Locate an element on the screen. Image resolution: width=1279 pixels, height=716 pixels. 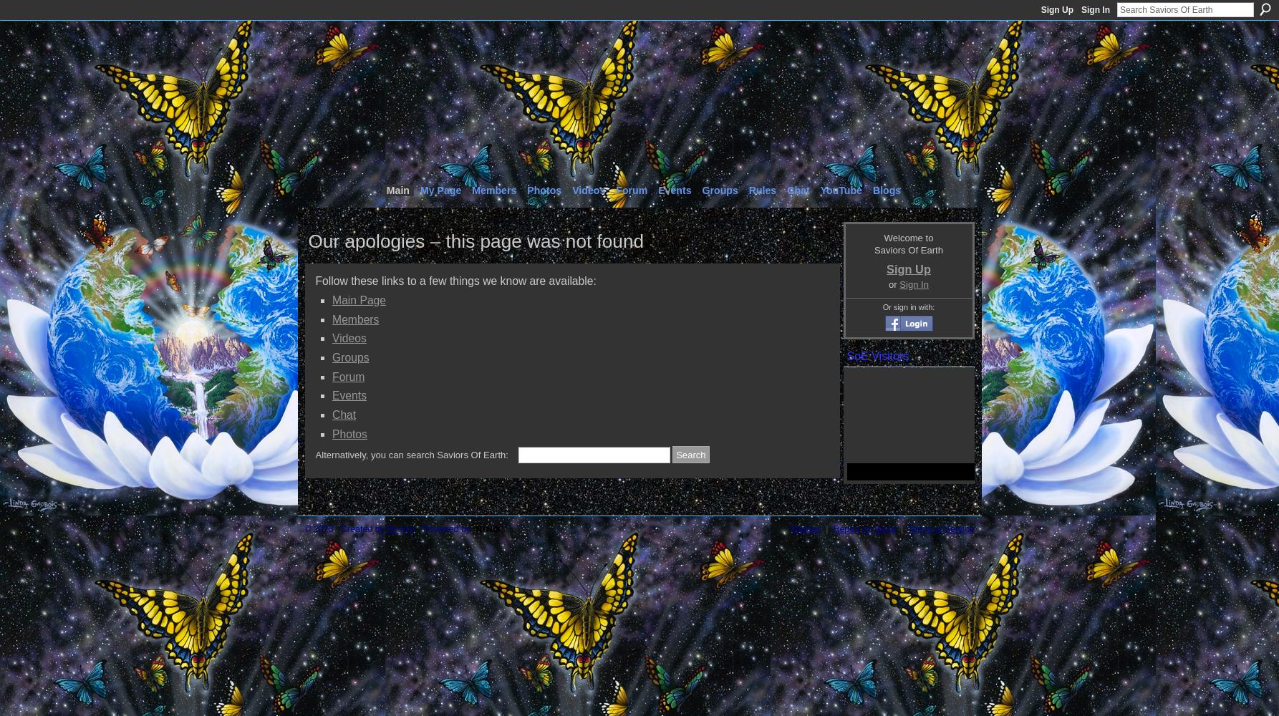
'Welcome to' is located at coordinates (908, 236).